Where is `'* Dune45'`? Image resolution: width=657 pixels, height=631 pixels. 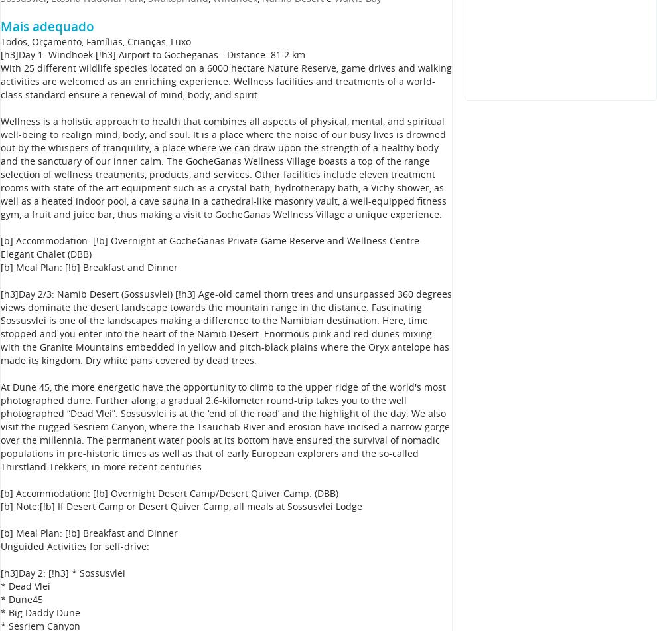 '* Dune45' is located at coordinates (21, 598).